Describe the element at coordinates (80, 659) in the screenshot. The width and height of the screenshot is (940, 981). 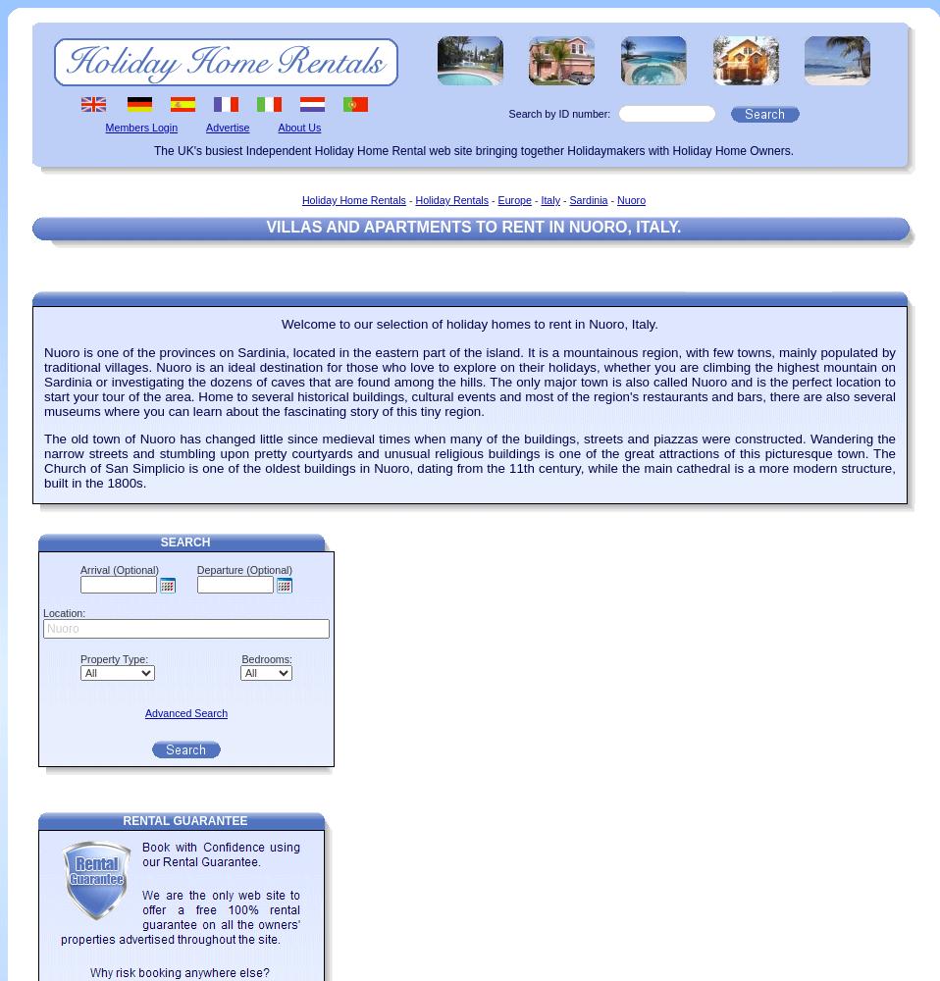
I see `'Property Type:'` at that location.